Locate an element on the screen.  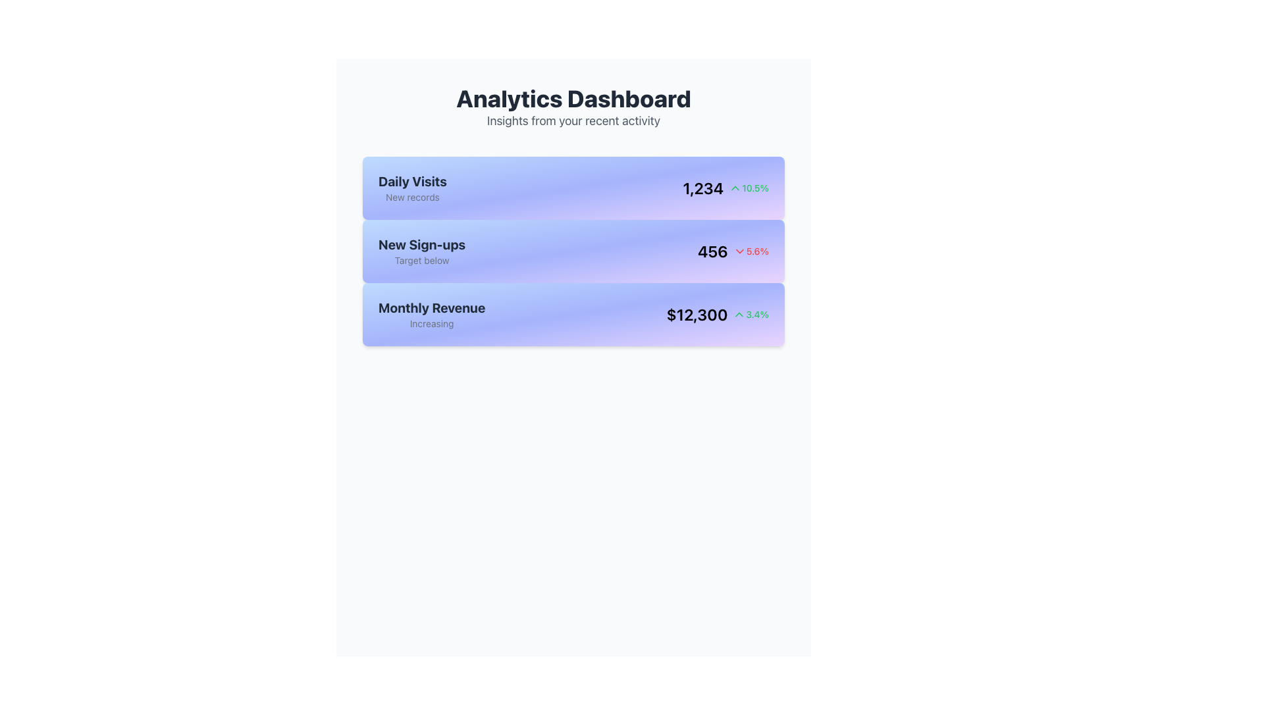
the small downward-pointing red chevron icon located next to the '5.6%' text is located at coordinates (739, 251).